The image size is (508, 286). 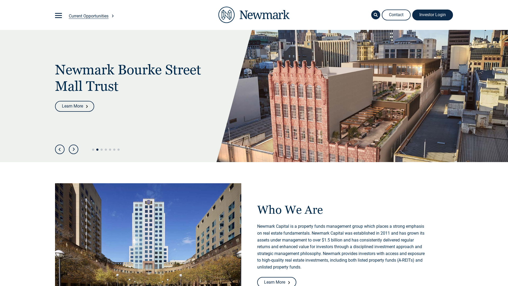 What do you see at coordinates (55, 149) in the screenshot?
I see `'Previous'` at bounding box center [55, 149].